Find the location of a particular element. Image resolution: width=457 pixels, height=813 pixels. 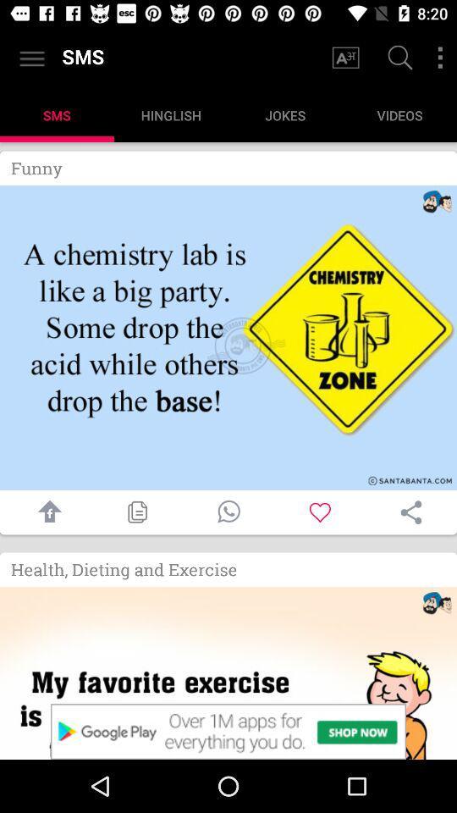

share this is located at coordinates (410, 512).